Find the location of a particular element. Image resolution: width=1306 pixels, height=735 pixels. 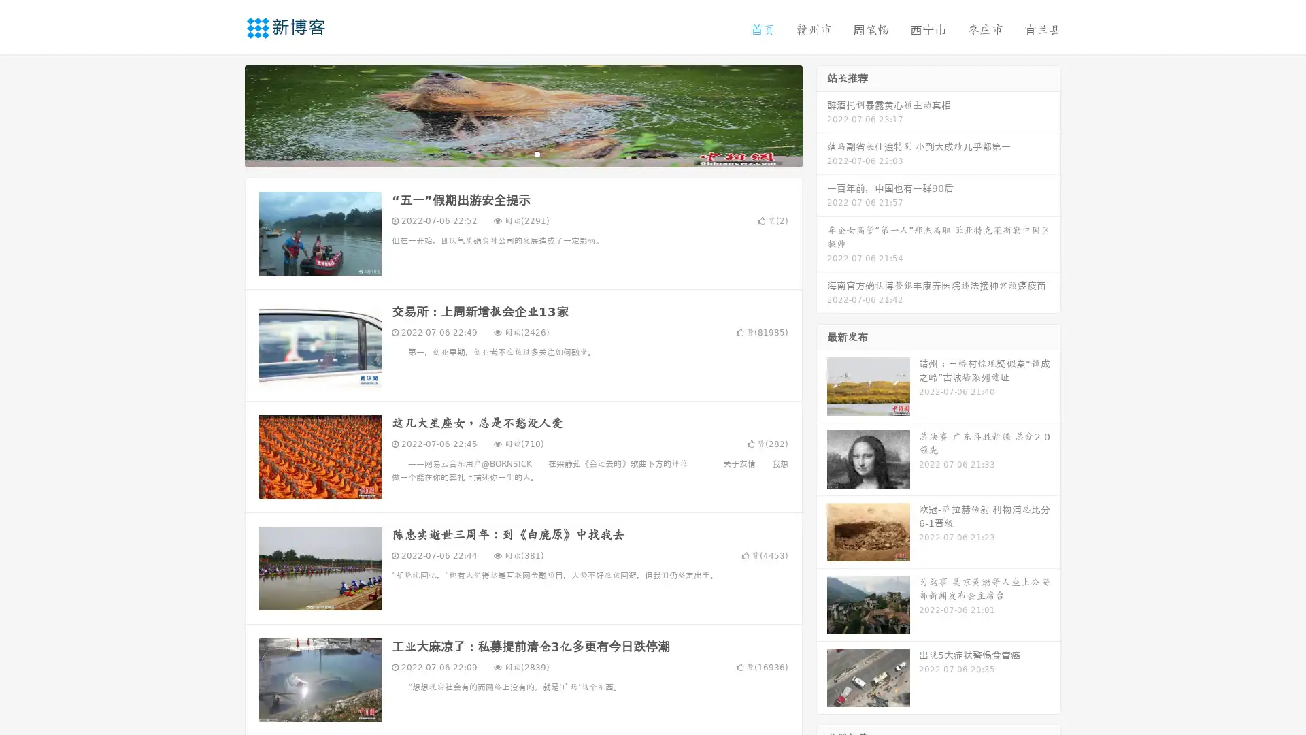

Go to slide 2 is located at coordinates (522, 153).